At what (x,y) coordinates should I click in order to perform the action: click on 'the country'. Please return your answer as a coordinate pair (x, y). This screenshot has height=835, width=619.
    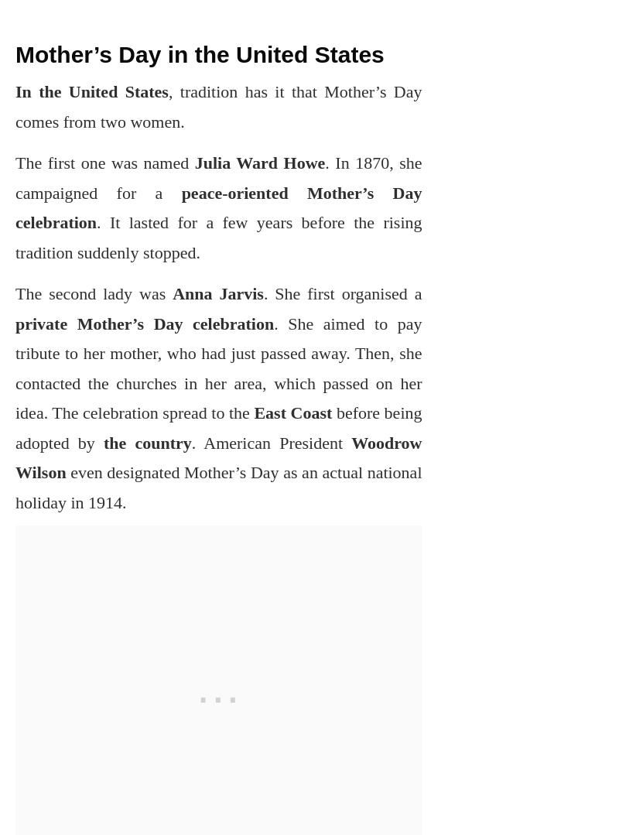
    Looking at the image, I should click on (146, 441).